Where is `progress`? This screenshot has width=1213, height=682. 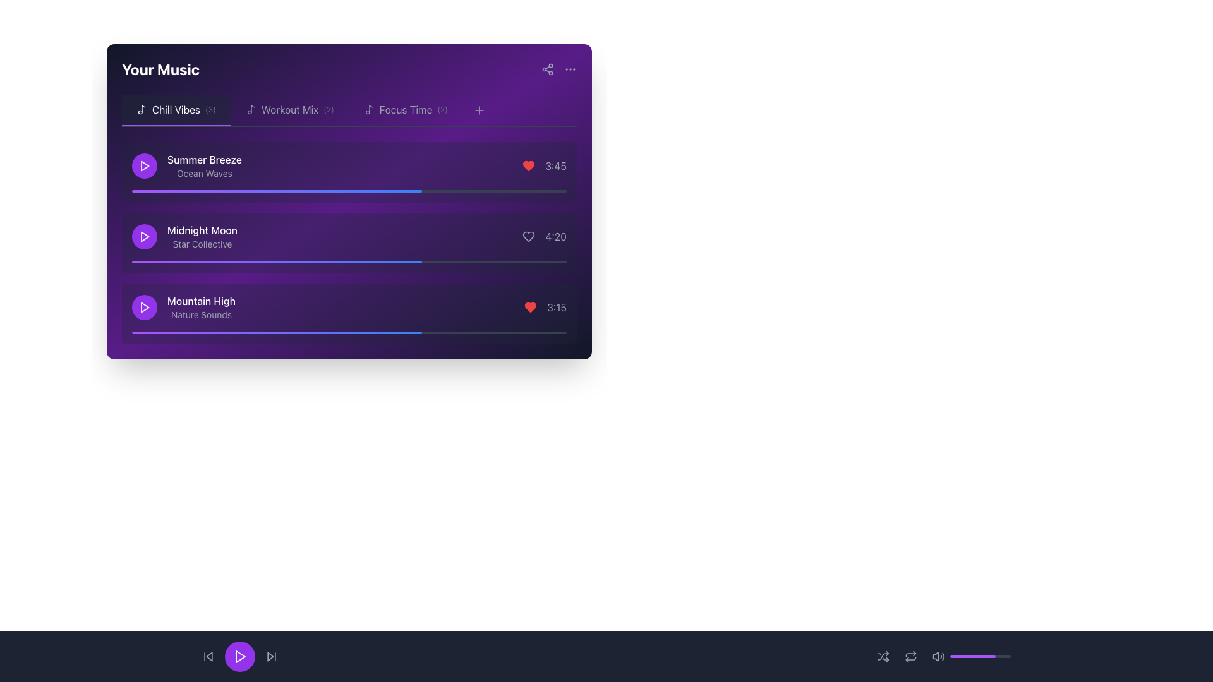 progress is located at coordinates (440, 191).